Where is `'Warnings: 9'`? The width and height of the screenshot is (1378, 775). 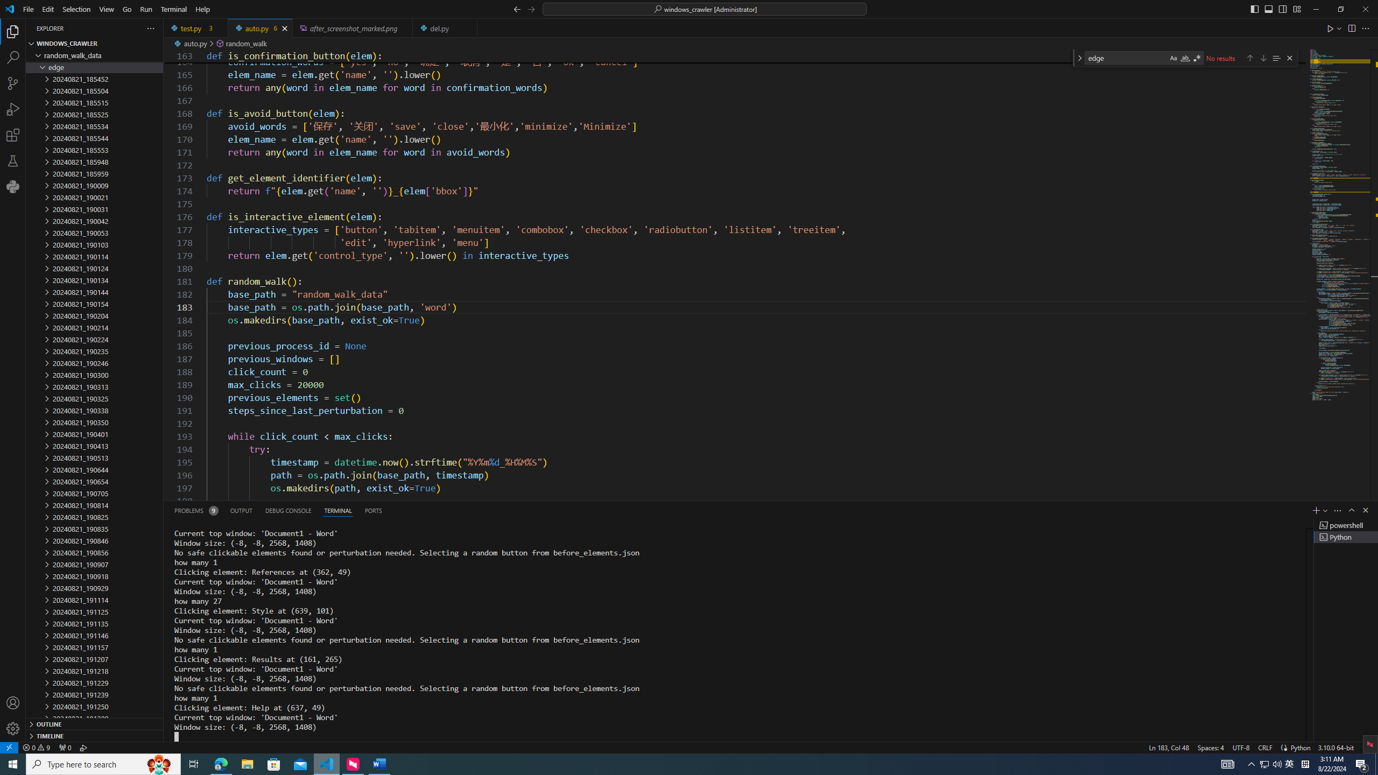
'Warnings: 9' is located at coordinates (35, 746).